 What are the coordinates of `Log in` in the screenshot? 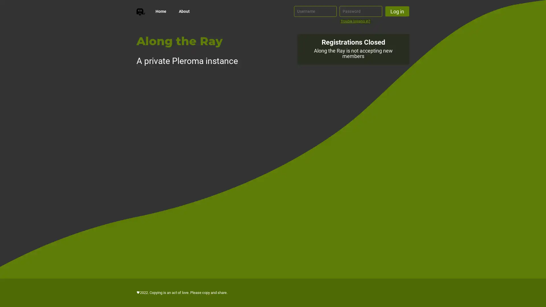 It's located at (397, 11).